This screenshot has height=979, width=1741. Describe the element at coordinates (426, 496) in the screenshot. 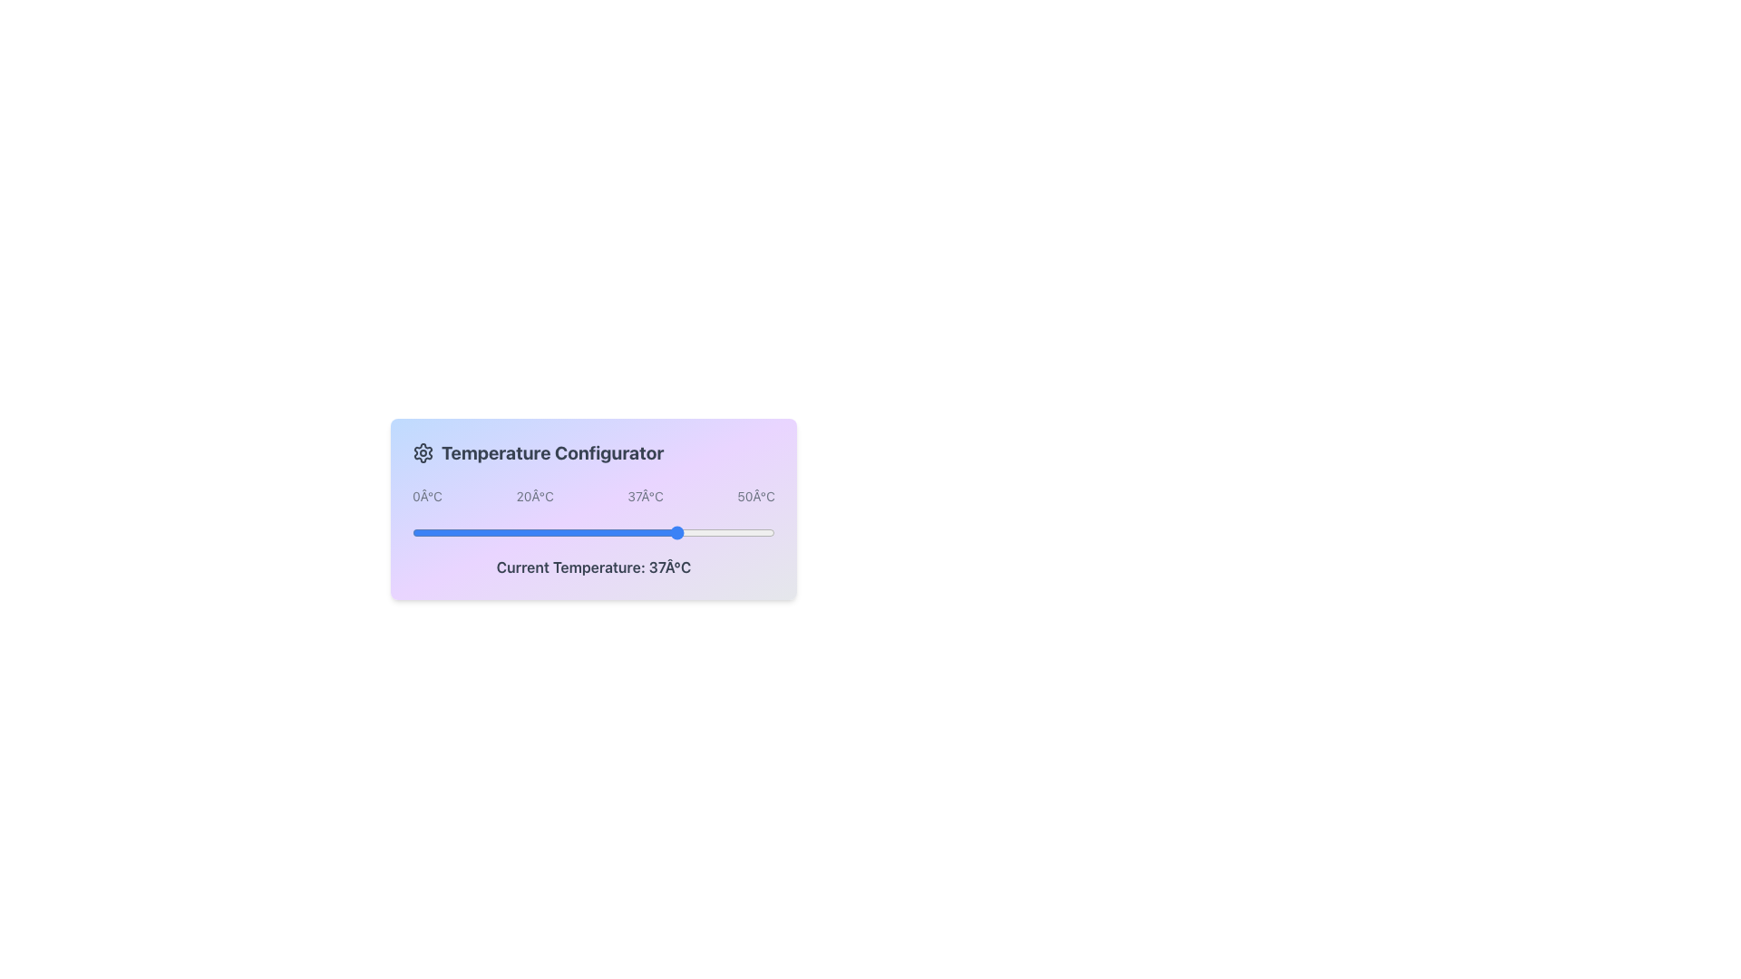

I see `the static text label displaying '0°C', which is the leftmost label in the temperature range group above the slider in the temperature configurator interface` at that location.